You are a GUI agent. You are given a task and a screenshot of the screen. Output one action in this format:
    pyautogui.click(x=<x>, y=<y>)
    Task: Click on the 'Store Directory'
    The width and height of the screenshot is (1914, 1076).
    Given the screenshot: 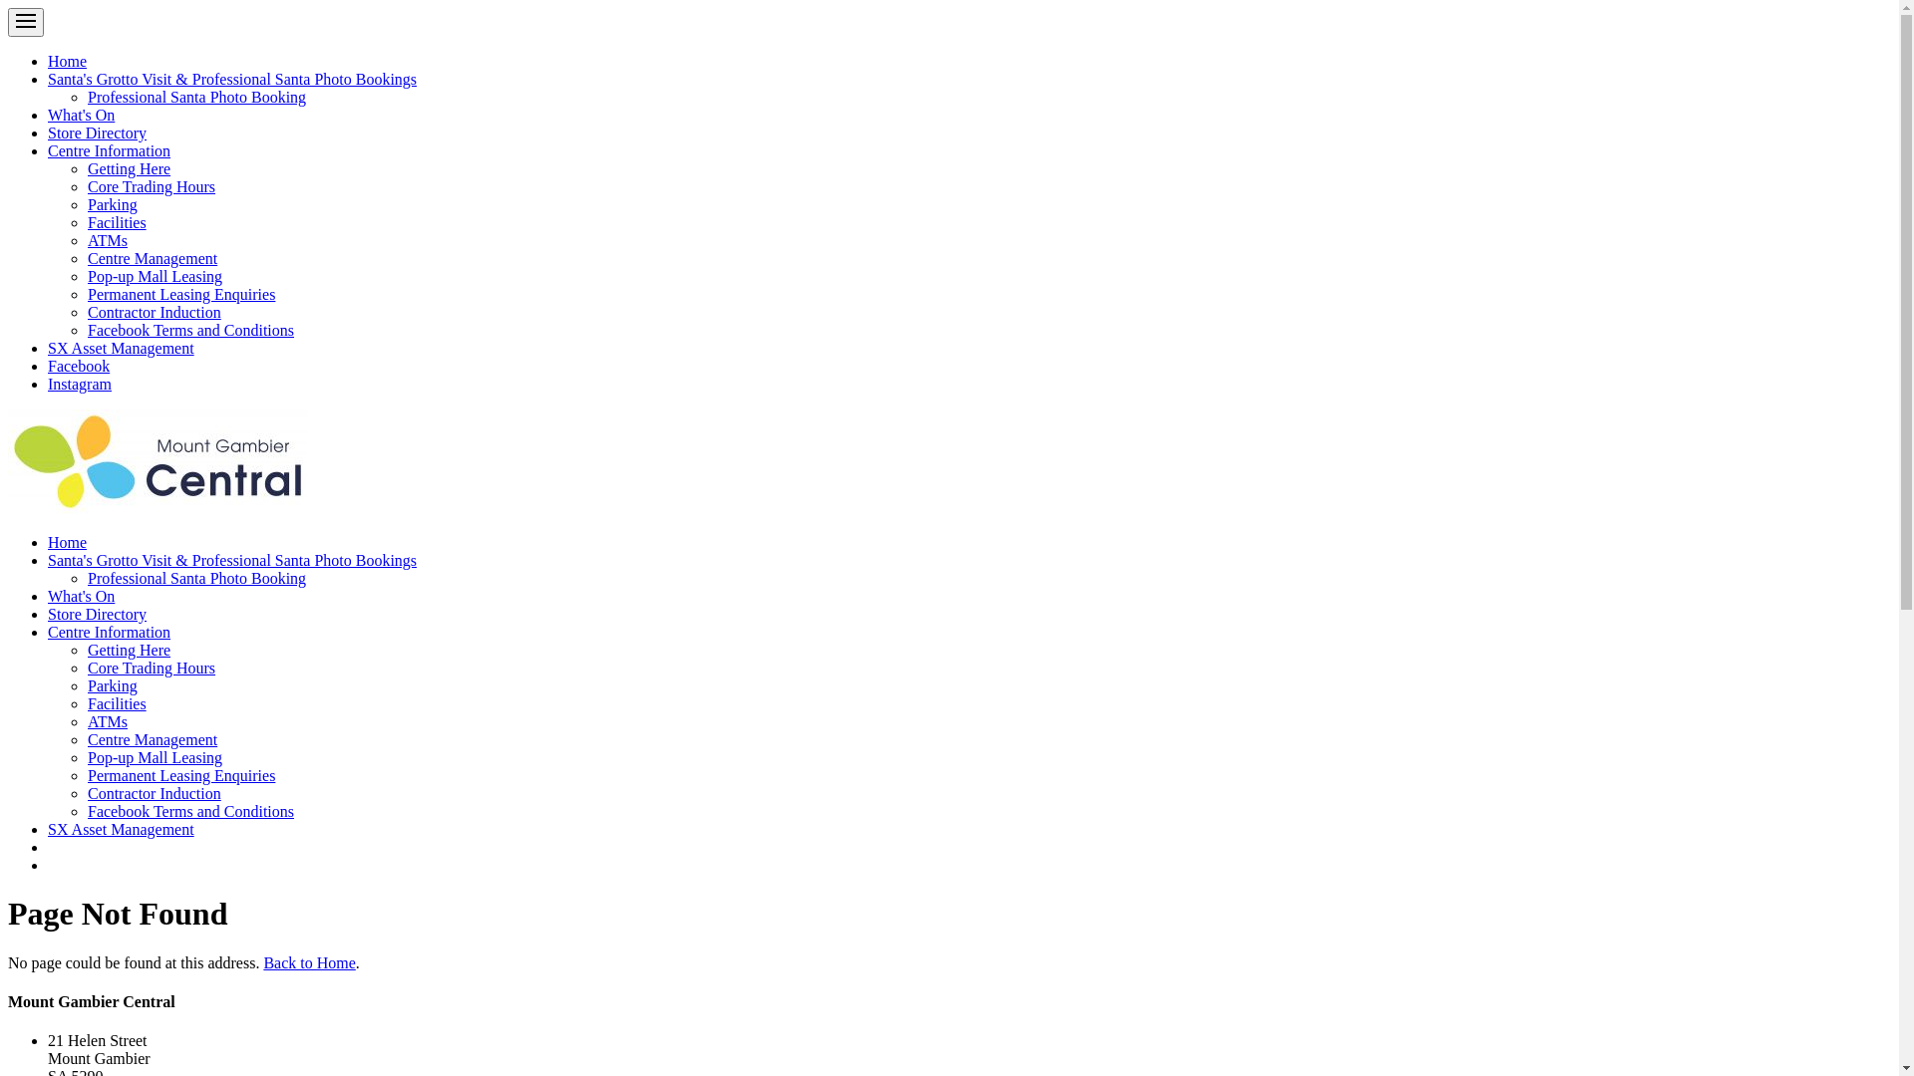 What is the action you would take?
    pyautogui.click(x=96, y=613)
    